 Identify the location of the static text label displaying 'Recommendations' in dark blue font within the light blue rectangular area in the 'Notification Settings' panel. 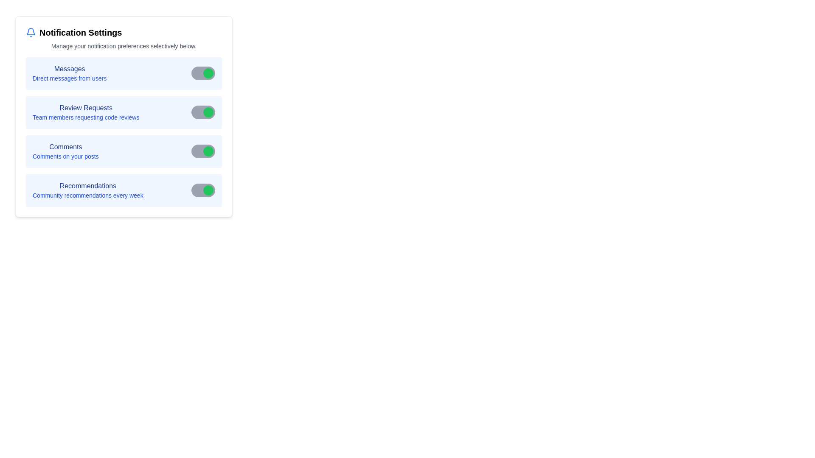
(88, 186).